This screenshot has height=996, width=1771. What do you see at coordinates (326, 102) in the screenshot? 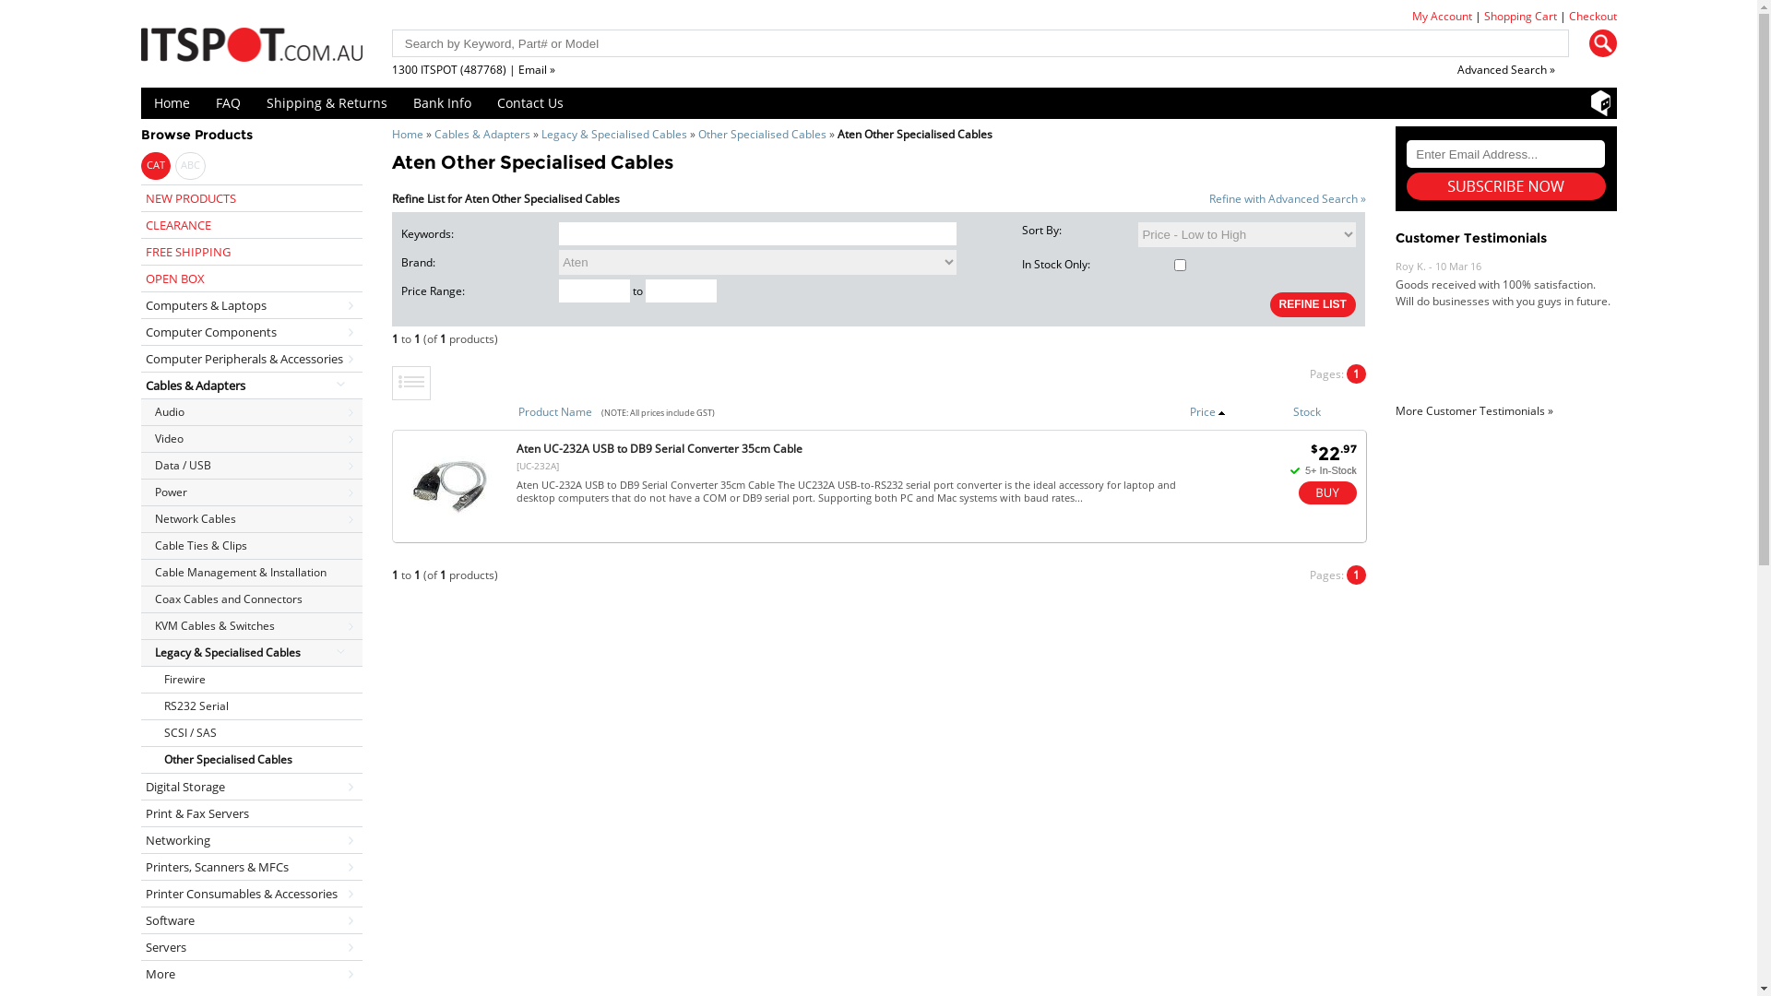
I see `'Shipping & Returns'` at bounding box center [326, 102].